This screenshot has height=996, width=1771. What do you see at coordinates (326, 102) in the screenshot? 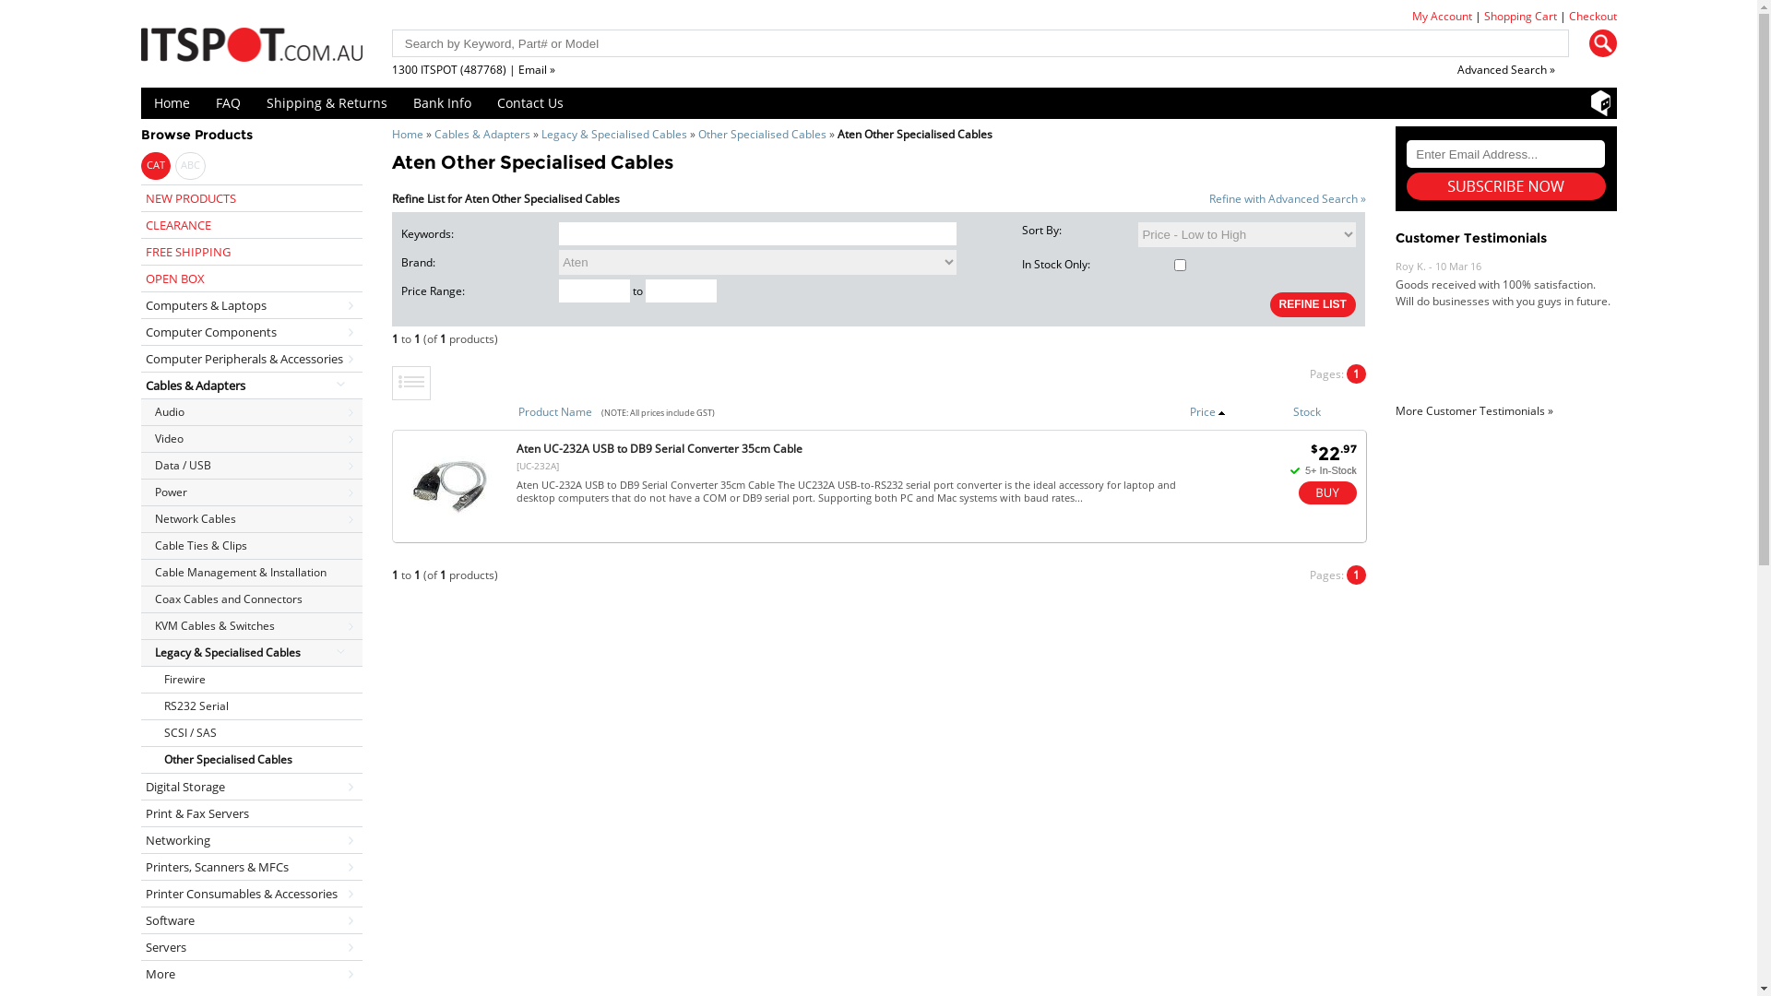
I see `'Shipping & Returns'` at bounding box center [326, 102].